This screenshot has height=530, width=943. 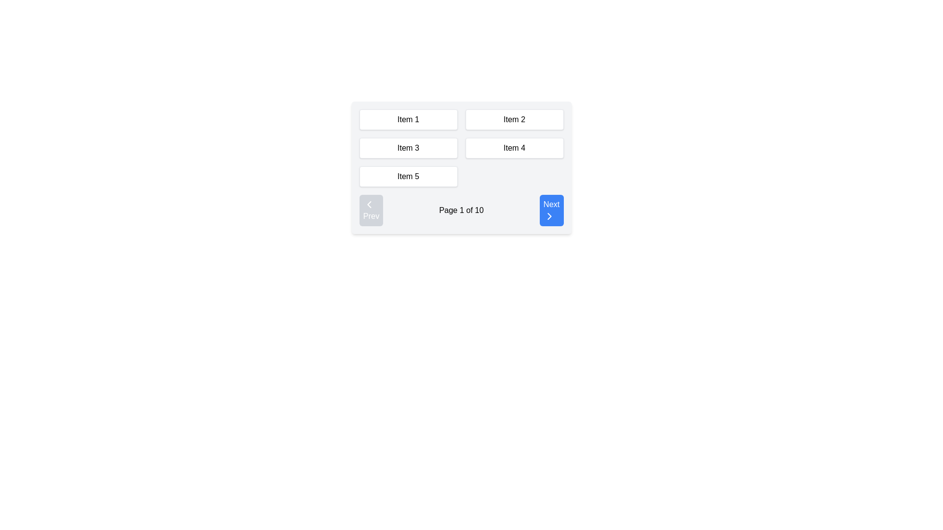 I want to click on the static text displaying 'Page 1 of 10', which is centrally positioned between the 'Prev' and 'Next' buttons, indicating the pagination status, so click(x=461, y=210).